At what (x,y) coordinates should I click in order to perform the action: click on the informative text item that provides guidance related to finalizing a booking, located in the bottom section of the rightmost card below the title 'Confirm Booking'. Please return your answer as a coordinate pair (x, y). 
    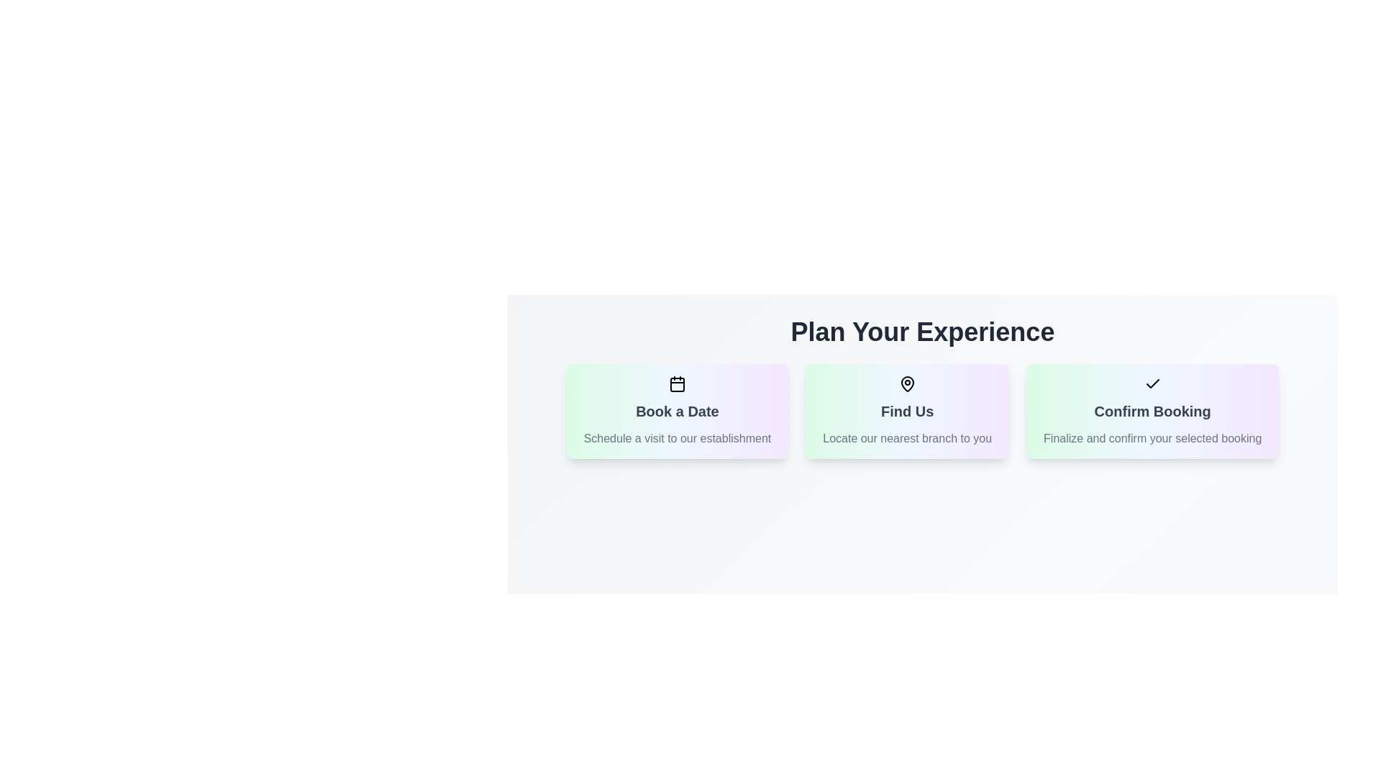
    Looking at the image, I should click on (1152, 437).